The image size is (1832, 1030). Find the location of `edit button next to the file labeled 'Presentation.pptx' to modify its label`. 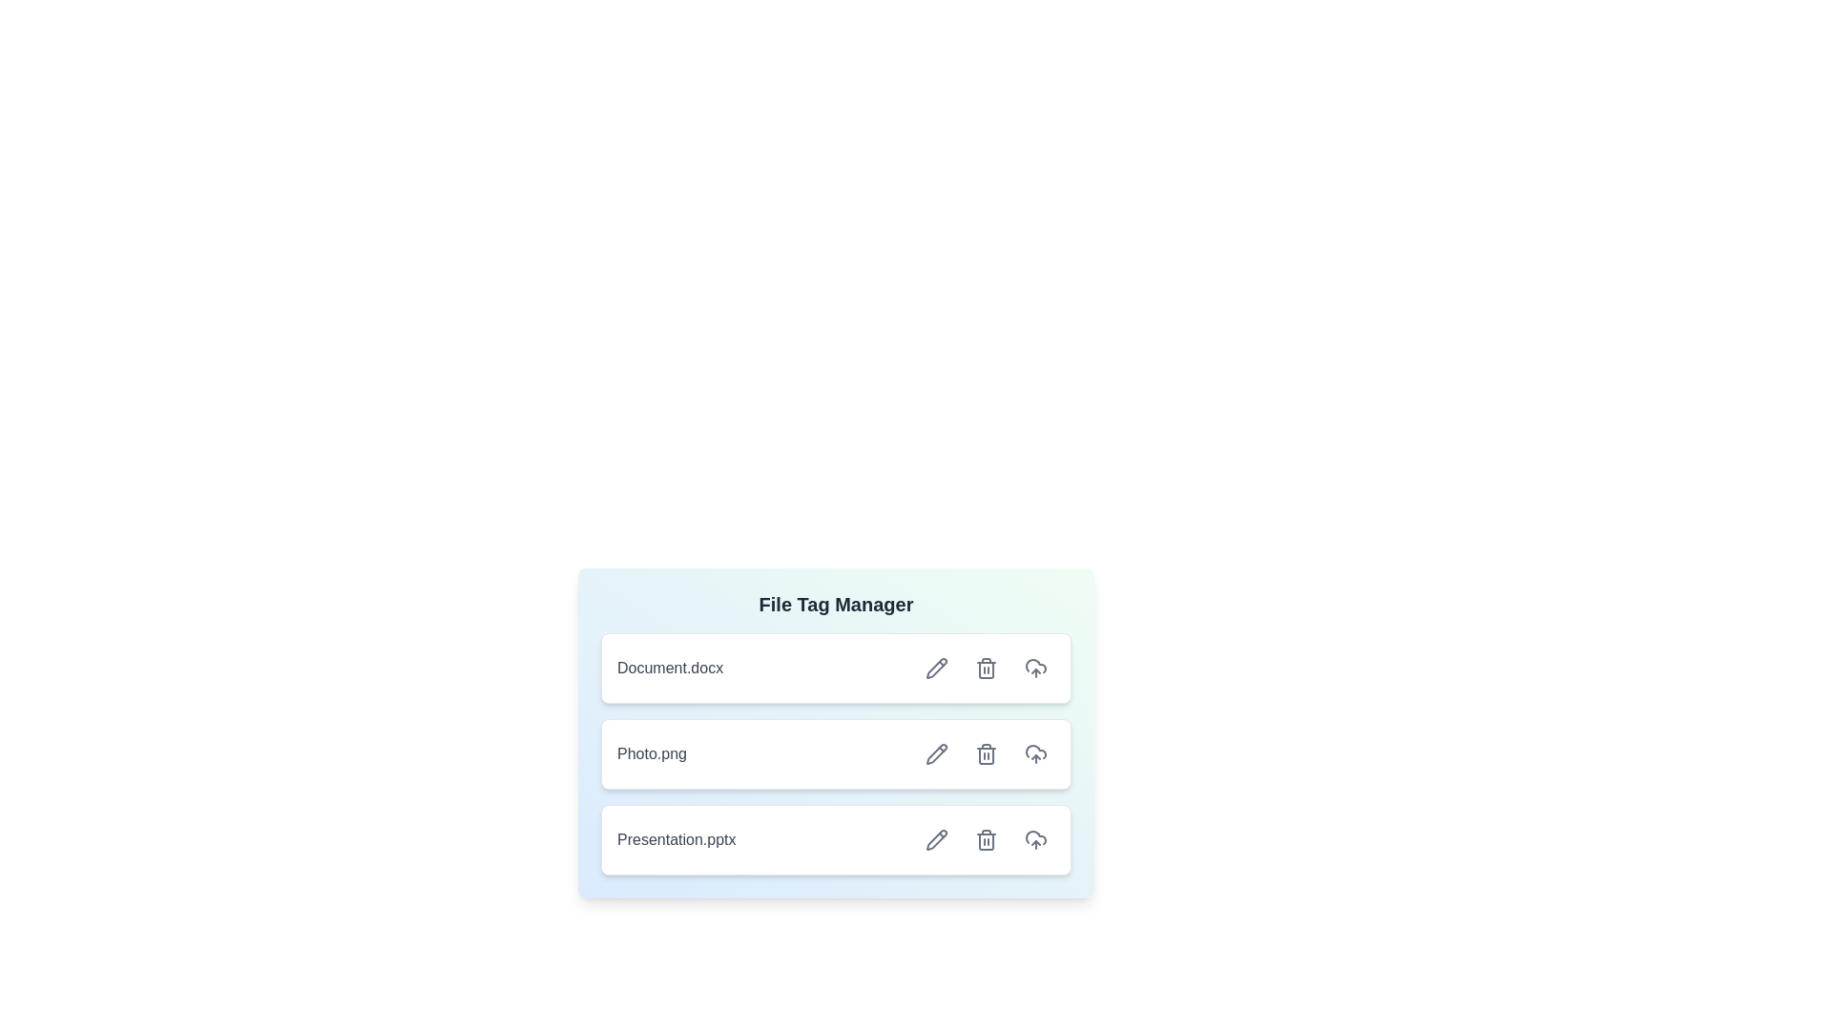

edit button next to the file labeled 'Presentation.pptx' to modify its label is located at coordinates (937, 838).